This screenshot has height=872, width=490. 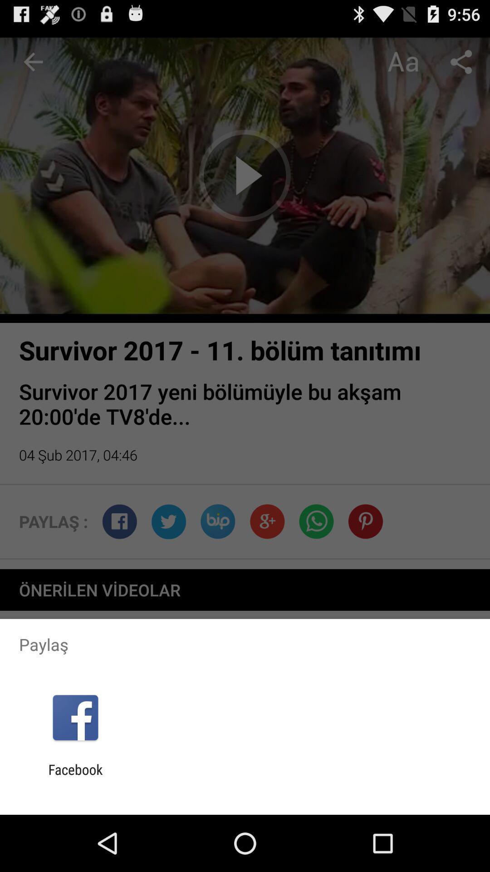 What do you see at coordinates (75, 717) in the screenshot?
I see `the item above facebook icon` at bounding box center [75, 717].